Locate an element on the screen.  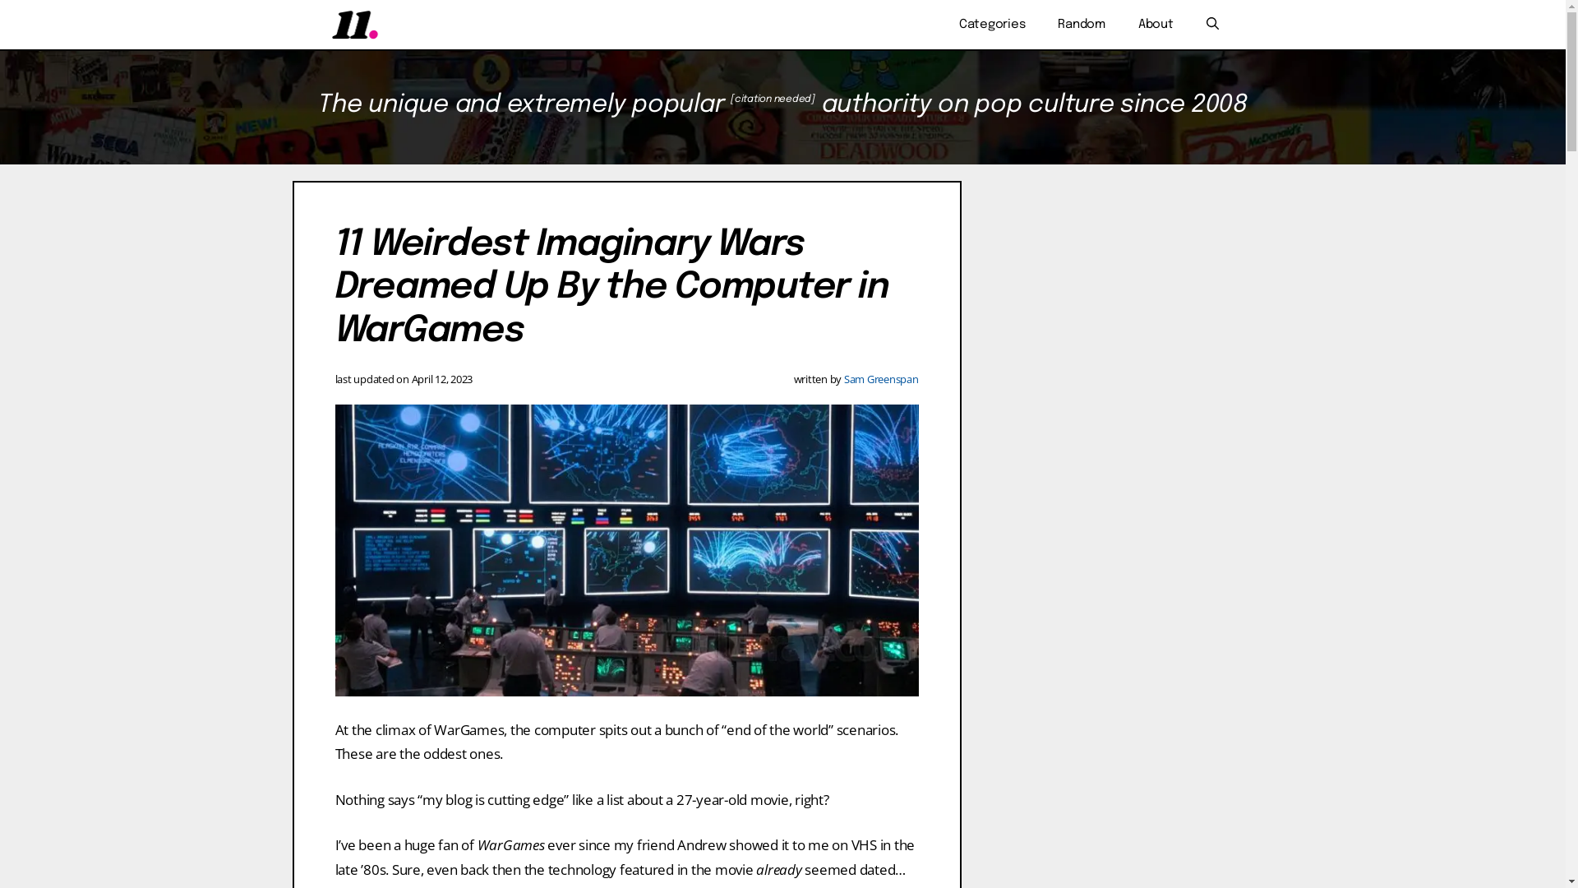
'11 Points' is located at coordinates (330, 25).